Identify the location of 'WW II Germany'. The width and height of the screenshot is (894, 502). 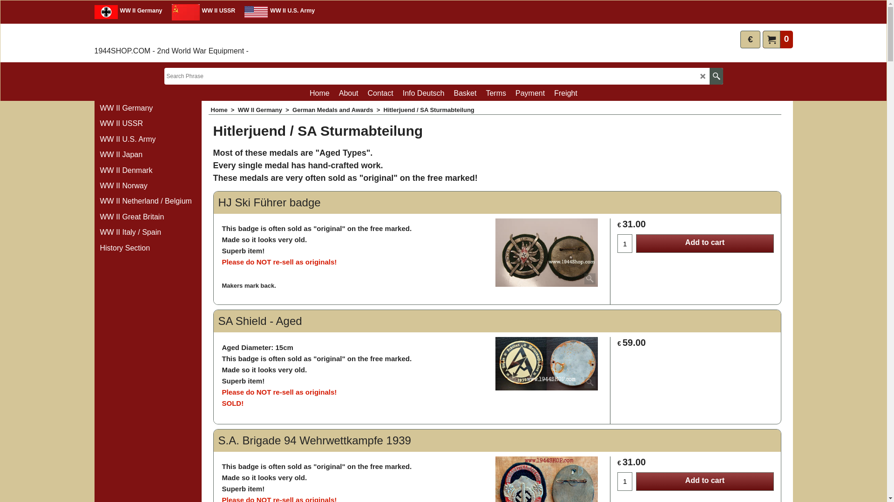
(94, 12).